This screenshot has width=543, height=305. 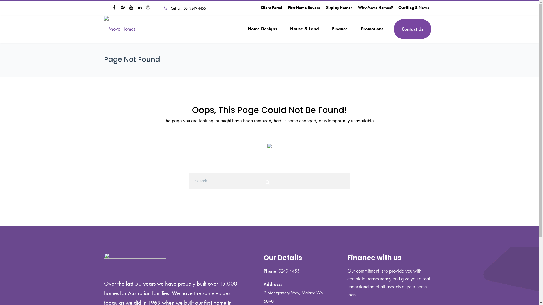 I want to click on 'Display Homes', so click(x=325, y=8).